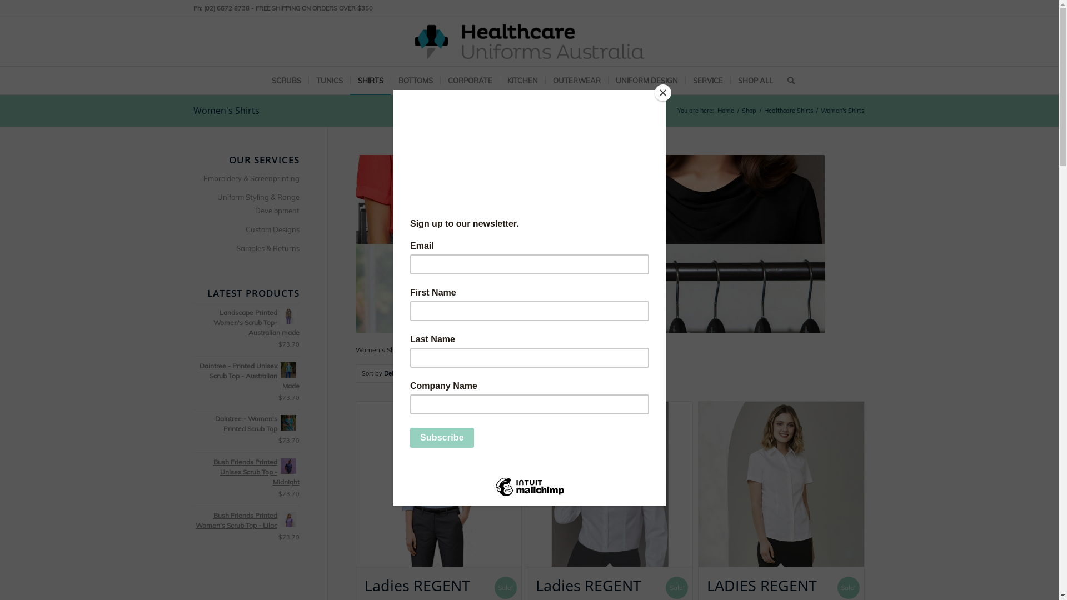 The image size is (1067, 600). I want to click on 'Uniform Styling & Range Development', so click(246, 204).